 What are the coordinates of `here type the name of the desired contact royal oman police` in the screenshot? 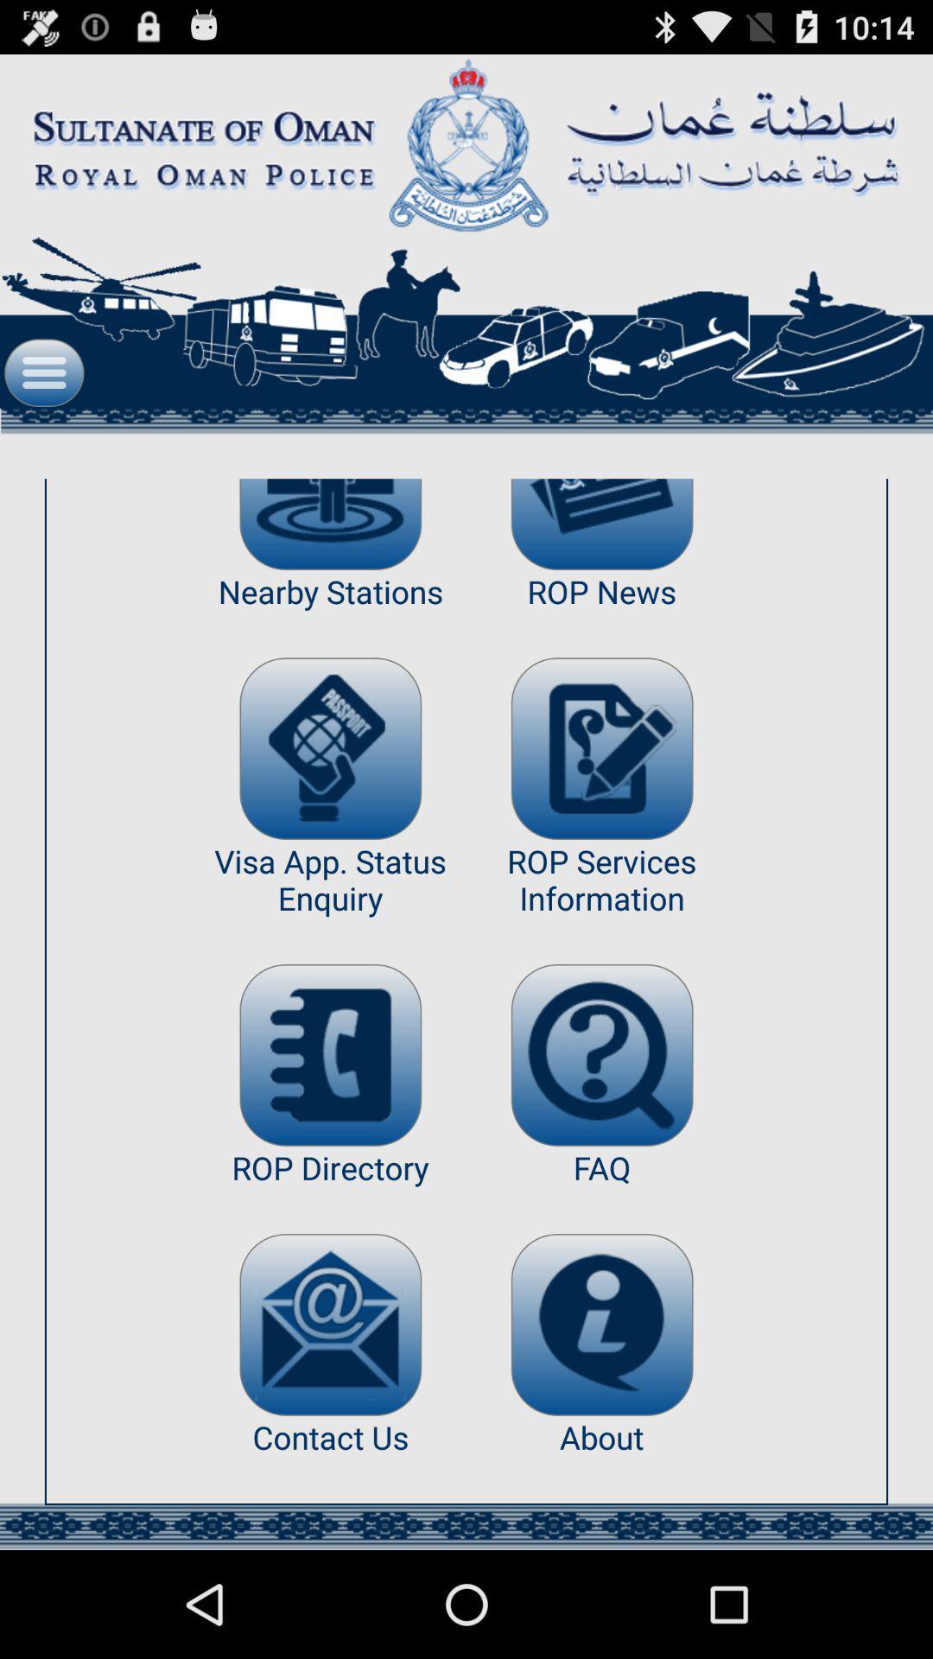 It's located at (330, 1054).